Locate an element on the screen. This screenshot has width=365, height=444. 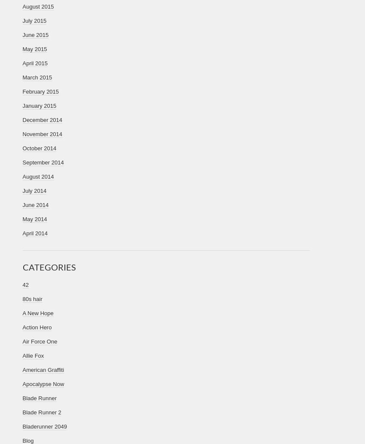
'July 2015' is located at coordinates (34, 21).